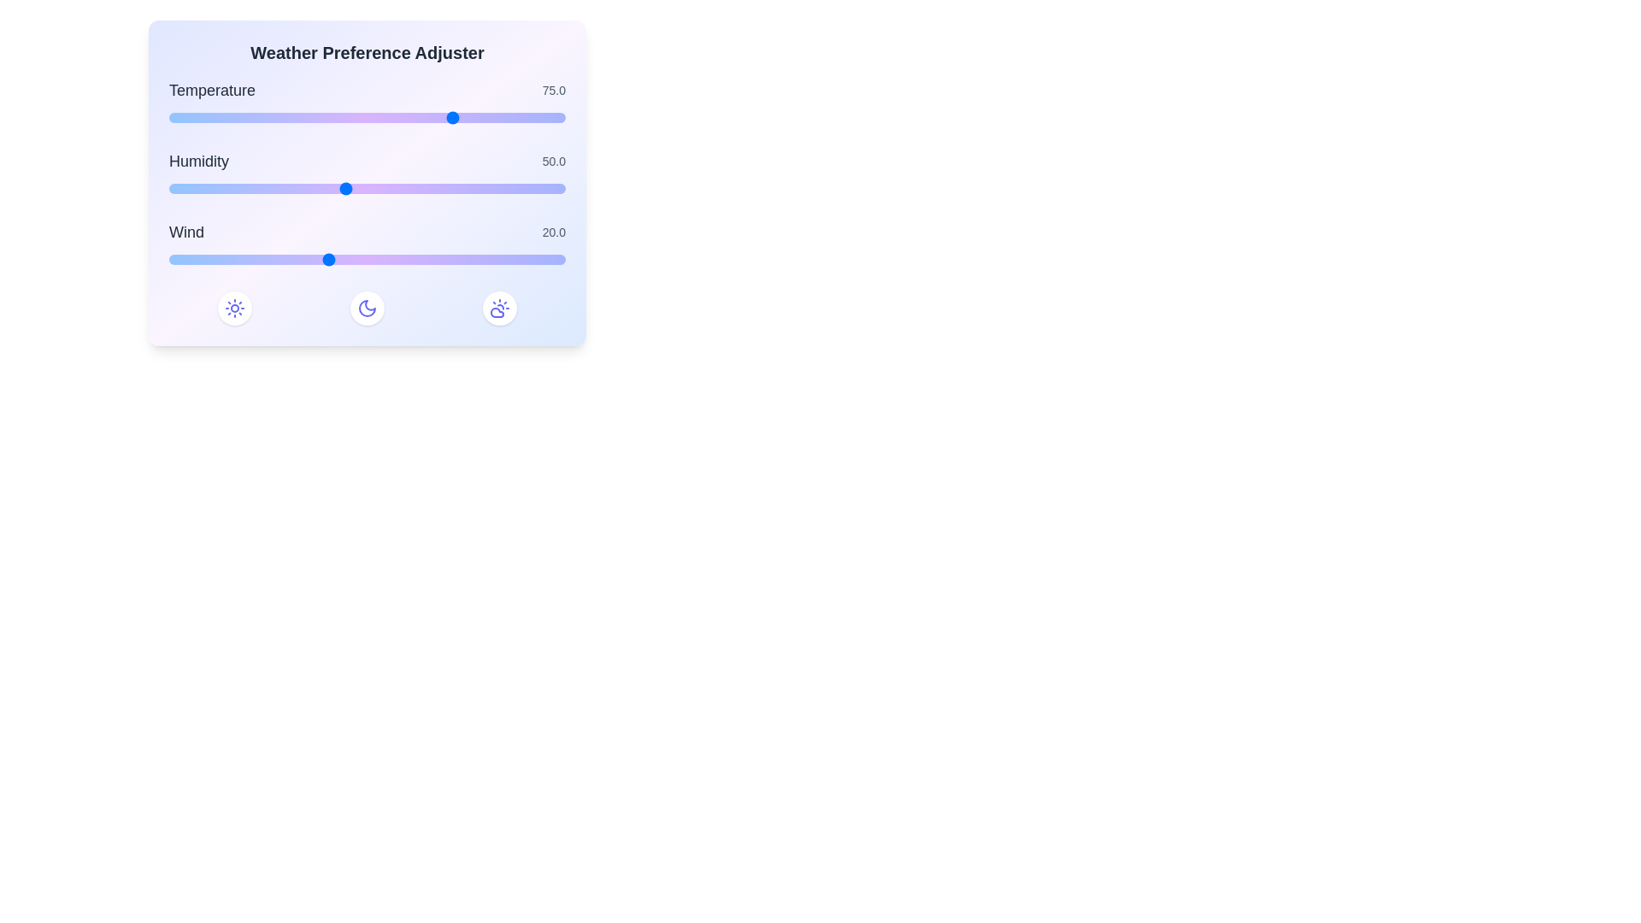 Image resolution: width=1641 pixels, height=923 pixels. I want to click on the crescent moon icon in the bottom right of the Weather Preference Adjuster panel, so click(366, 309).